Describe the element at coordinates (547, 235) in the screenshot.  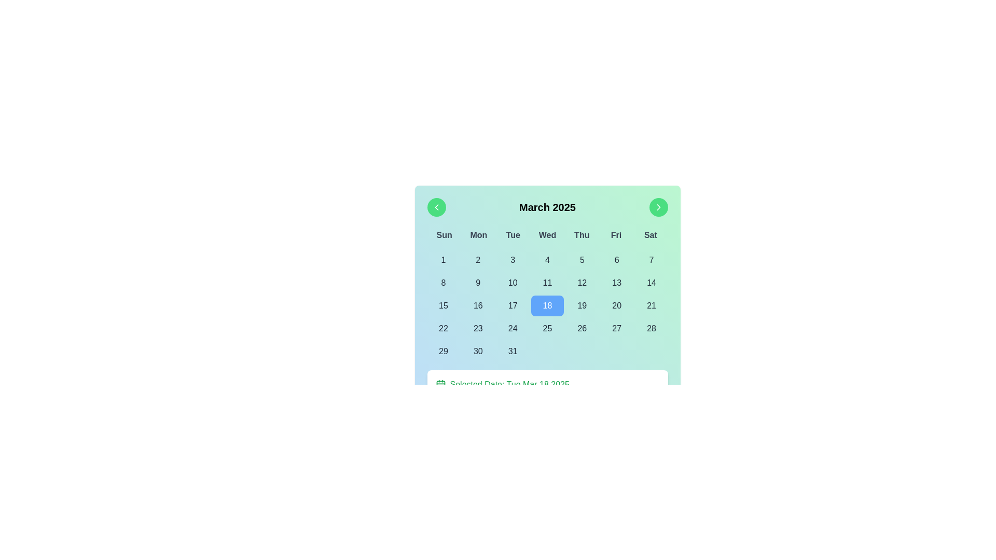
I see `the row of text elements representing the days of the week (Sun, Mon, Tue, Wed, Thu, Fri, Sat) styled in bold gray font, located below 'March 2025' in the calendar interface` at that location.